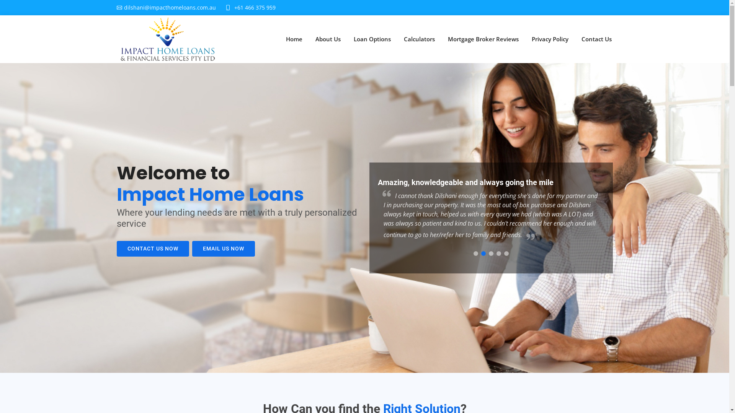 Image resolution: width=735 pixels, height=413 pixels. Describe the element at coordinates (482, 39) in the screenshot. I see `'Mortgage Broker Reviews'` at that location.